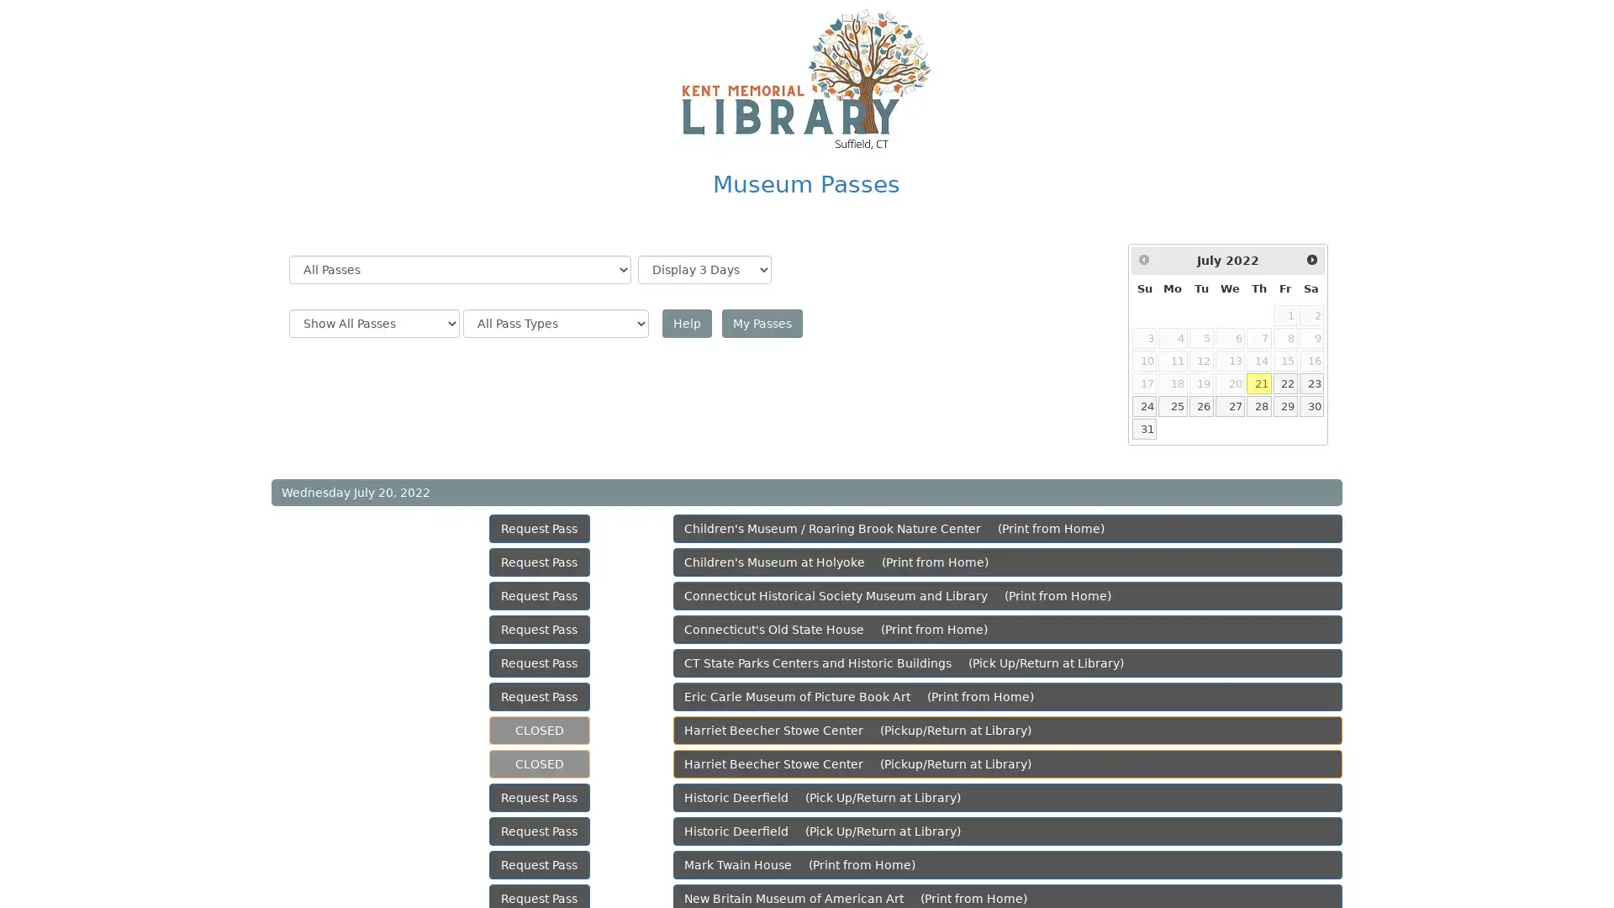 The image size is (1614, 908). I want to click on Connecticut's Old State House     (Print from Home), so click(1007, 629).